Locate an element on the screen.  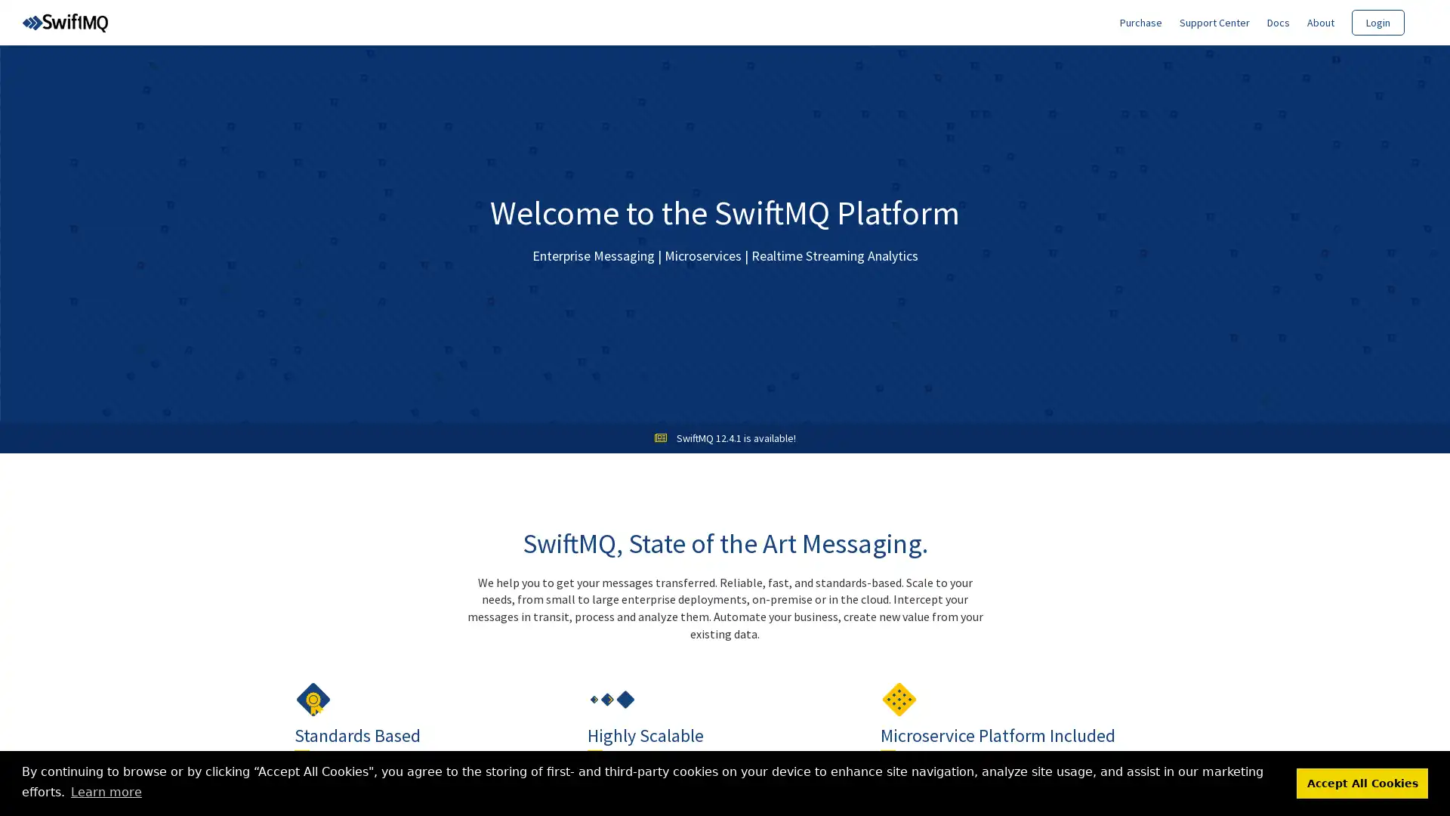
learn more about cookies is located at coordinates (105, 791).